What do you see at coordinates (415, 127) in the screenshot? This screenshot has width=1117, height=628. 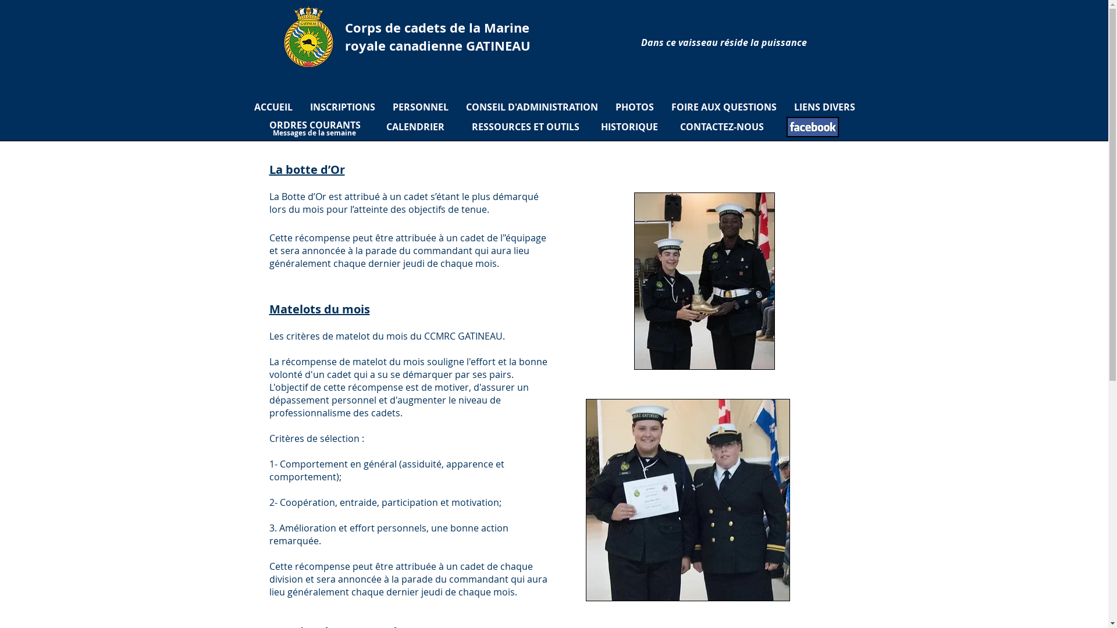 I see `'CALENDRIER'` at bounding box center [415, 127].